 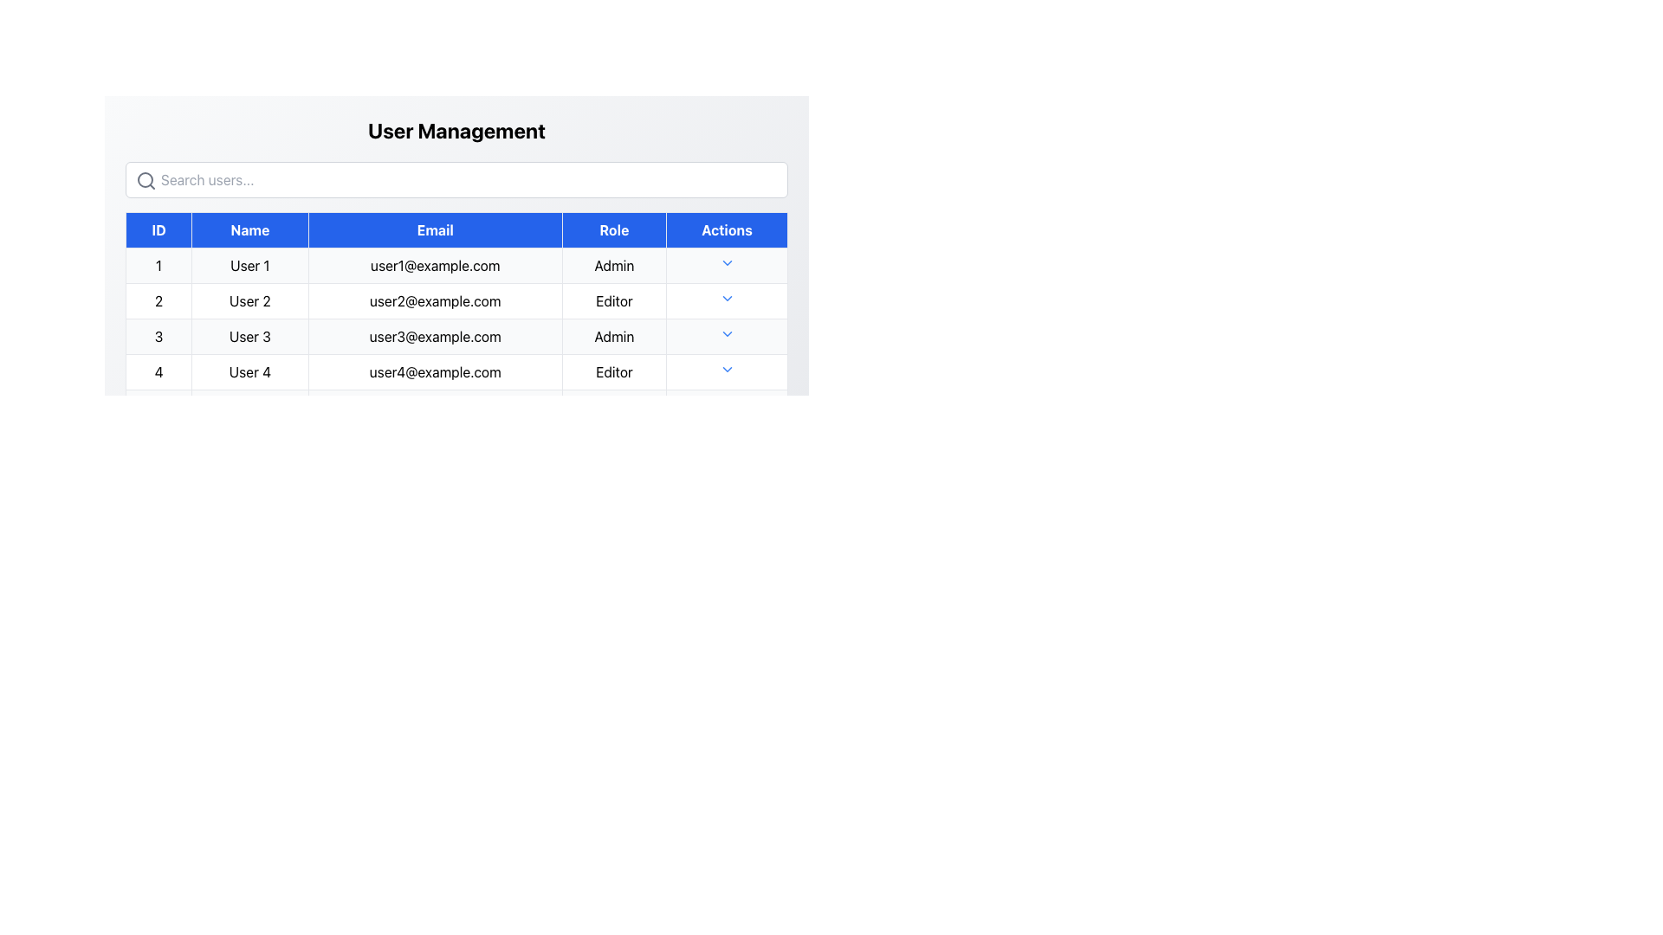 I want to click on the 'Email' header label in the data table, which is the third item in the header row between 'Name' and 'Role', so click(x=435, y=229).